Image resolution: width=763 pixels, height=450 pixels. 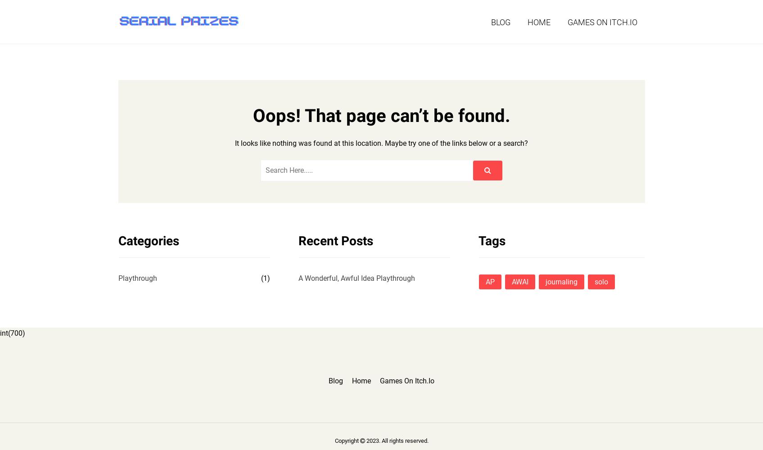 What do you see at coordinates (148, 240) in the screenshot?
I see `'Categories'` at bounding box center [148, 240].